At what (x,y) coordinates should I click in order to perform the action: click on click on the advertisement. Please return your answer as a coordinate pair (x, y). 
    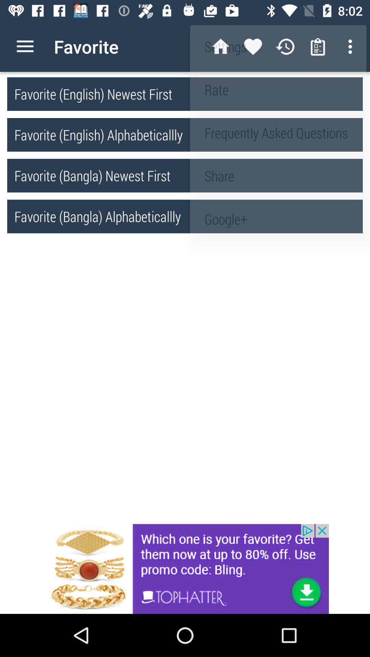
    Looking at the image, I should click on (185, 569).